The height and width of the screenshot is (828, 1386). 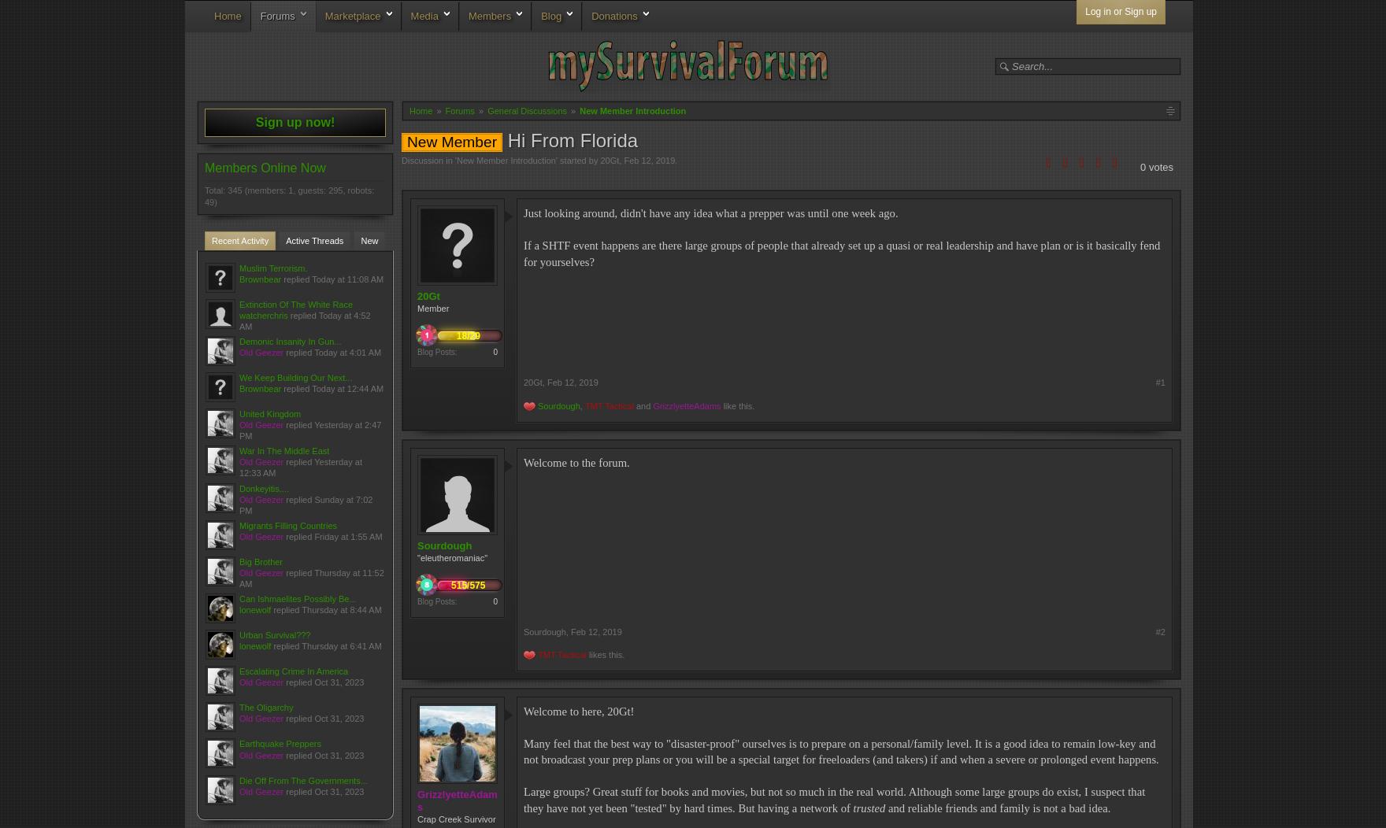 What do you see at coordinates (433, 308) in the screenshot?
I see `'Member'` at bounding box center [433, 308].